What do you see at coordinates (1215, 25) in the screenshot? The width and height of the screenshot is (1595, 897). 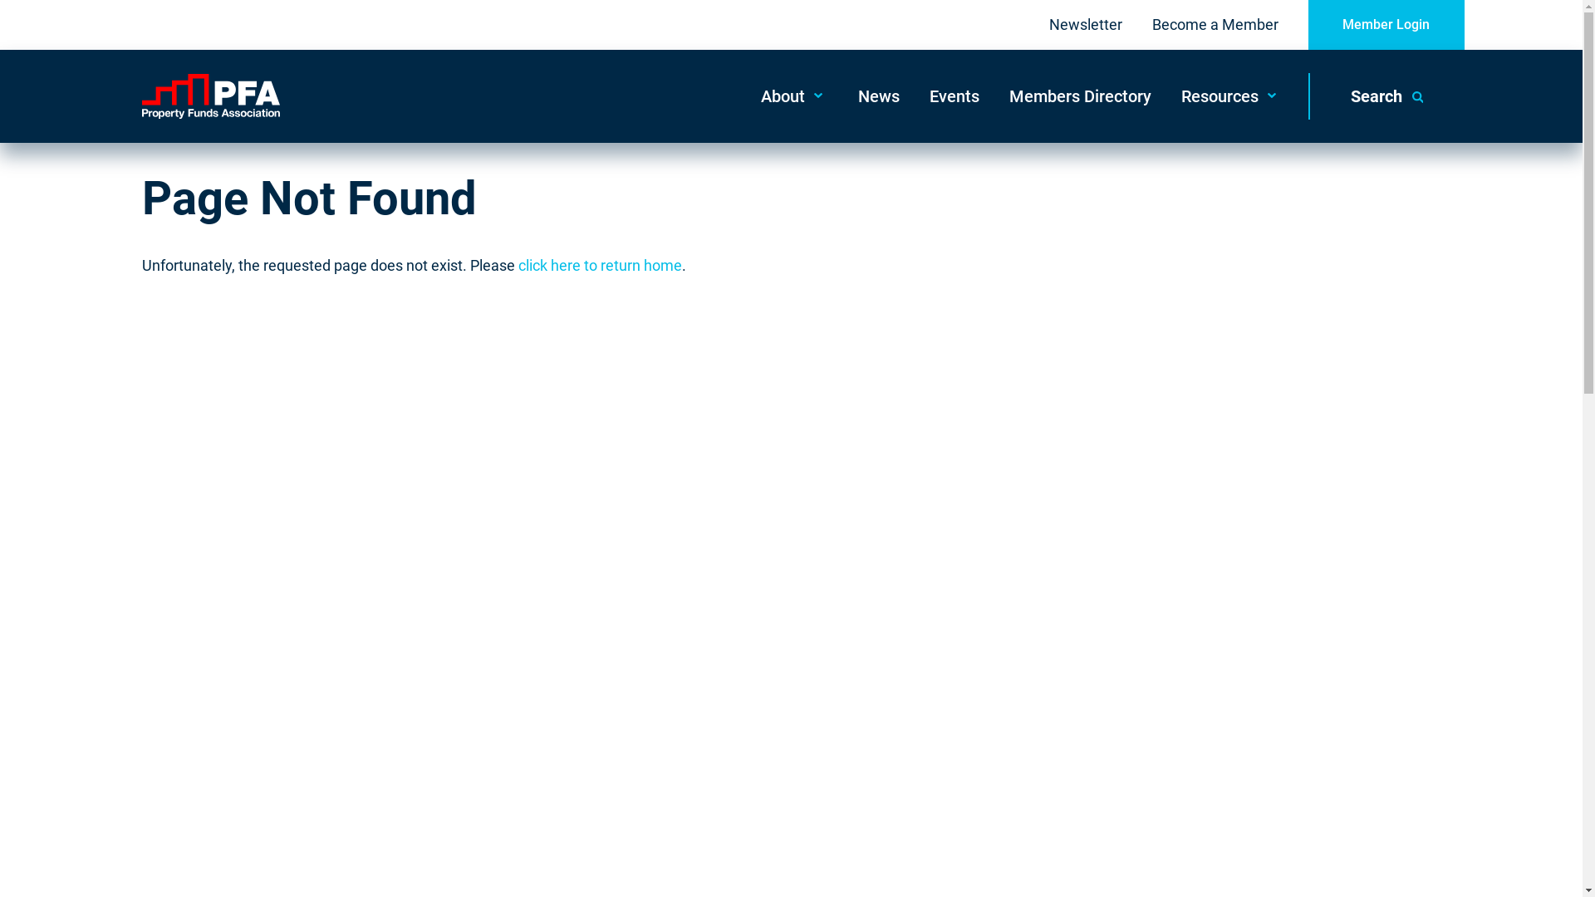 I see `'Become a Member'` at bounding box center [1215, 25].